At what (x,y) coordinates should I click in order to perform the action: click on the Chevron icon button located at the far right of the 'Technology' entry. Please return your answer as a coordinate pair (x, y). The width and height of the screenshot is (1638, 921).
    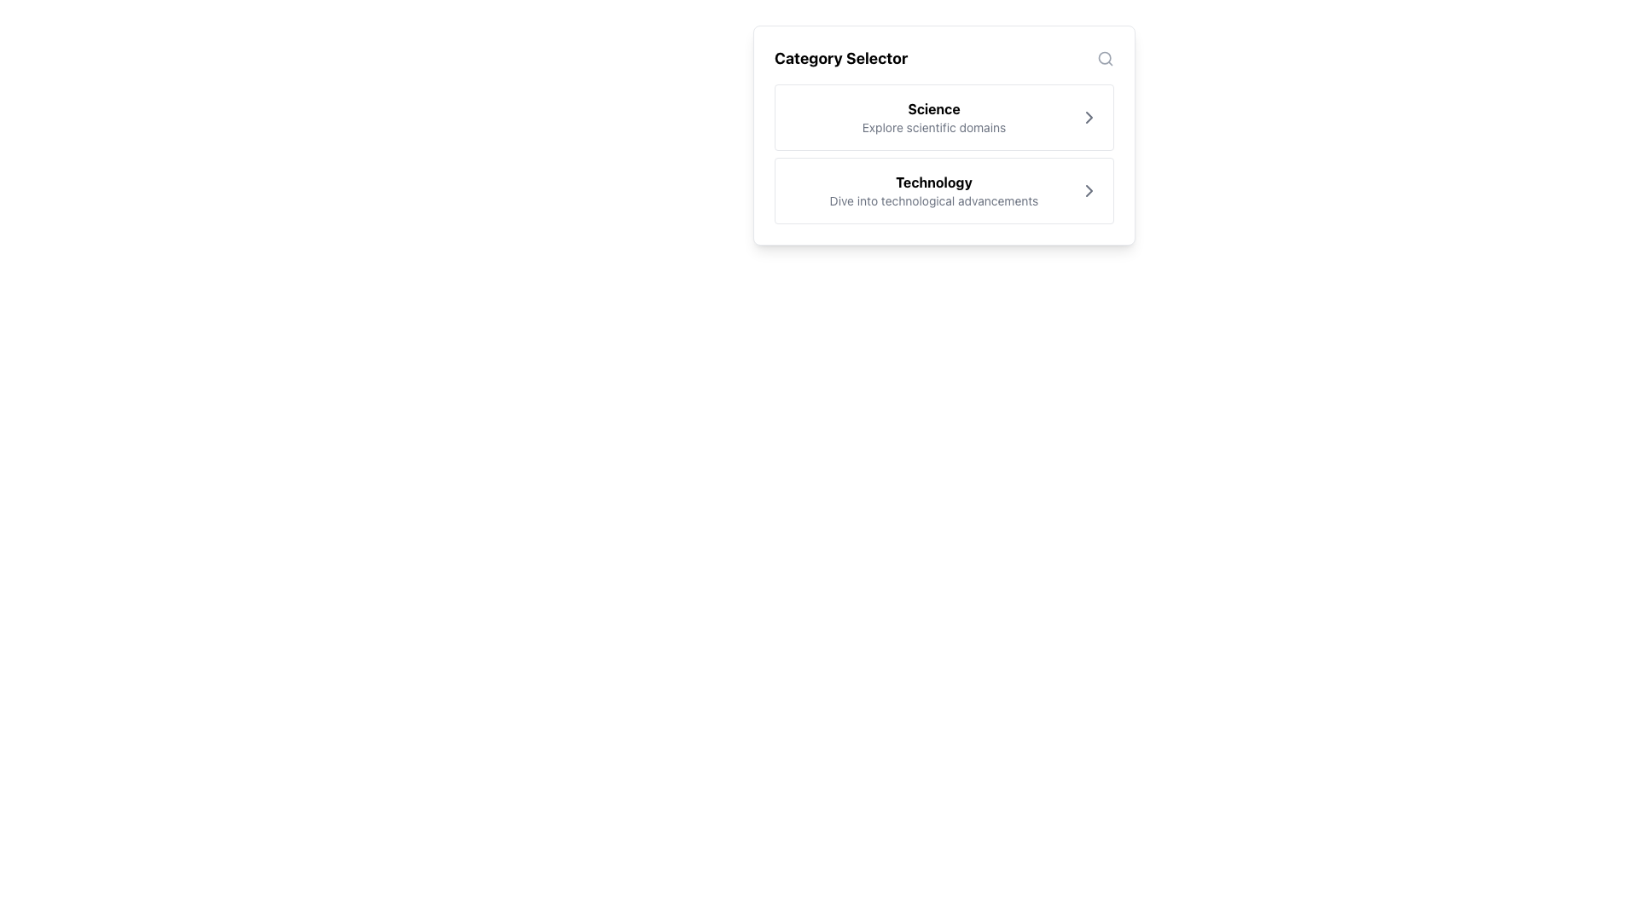
    Looking at the image, I should click on (1088, 190).